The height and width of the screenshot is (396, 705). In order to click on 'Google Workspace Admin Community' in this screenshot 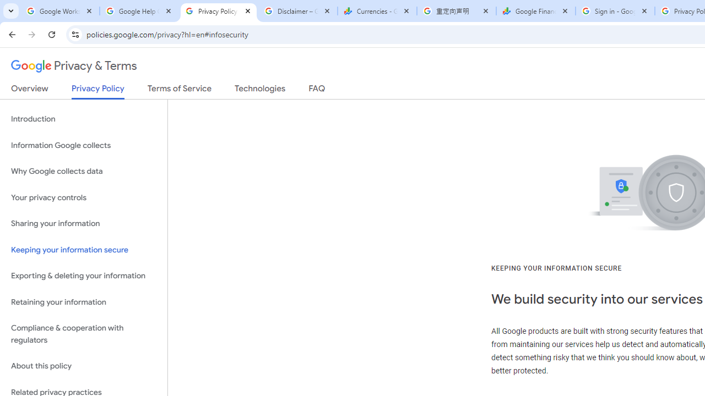, I will do `click(59, 11)`.